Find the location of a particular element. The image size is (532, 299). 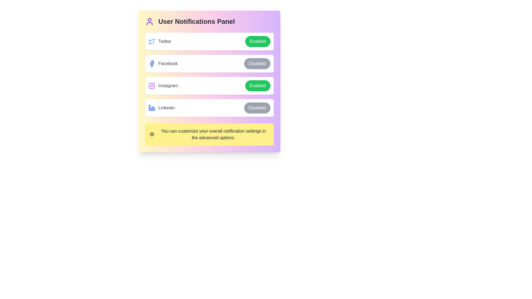

the Instagram icon within the User Notifications Panel, which is located between the Facebook and LinkedIn icons is located at coordinates (152, 86).